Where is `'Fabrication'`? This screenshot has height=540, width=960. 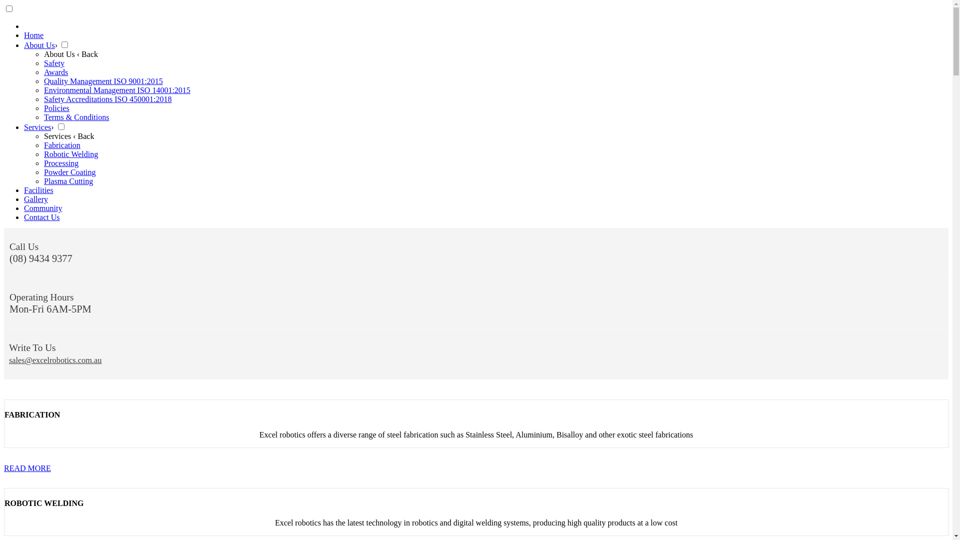
'Fabrication' is located at coordinates (61, 145).